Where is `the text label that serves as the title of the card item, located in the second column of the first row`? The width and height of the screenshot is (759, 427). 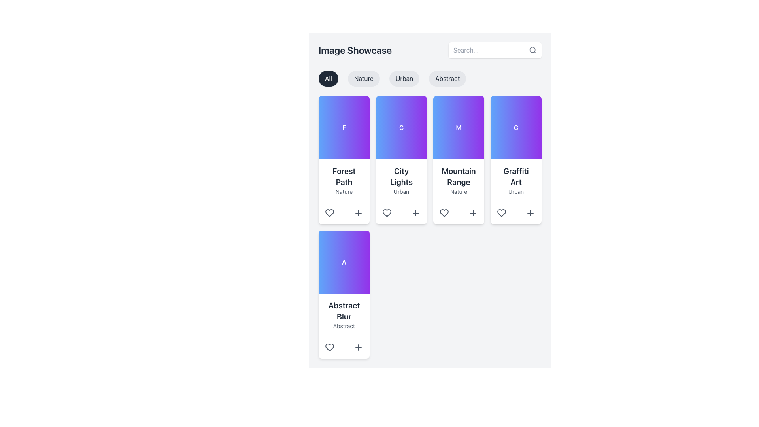
the text label that serves as the title of the card item, located in the second column of the first row is located at coordinates (401, 176).